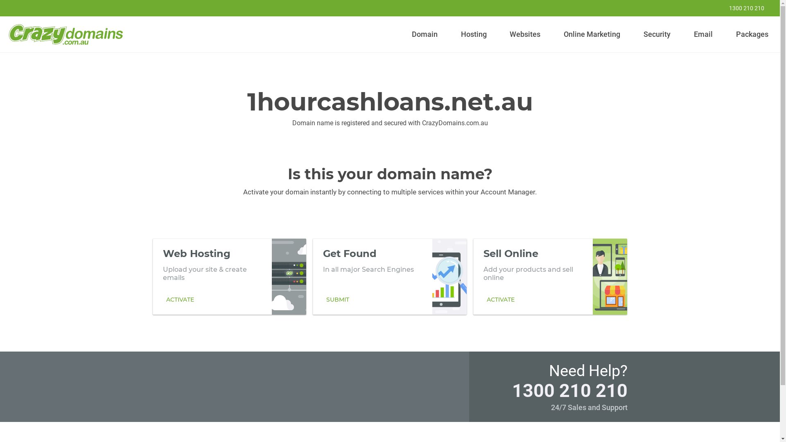 This screenshot has width=786, height=442. I want to click on 'Domain', so click(425, 34).